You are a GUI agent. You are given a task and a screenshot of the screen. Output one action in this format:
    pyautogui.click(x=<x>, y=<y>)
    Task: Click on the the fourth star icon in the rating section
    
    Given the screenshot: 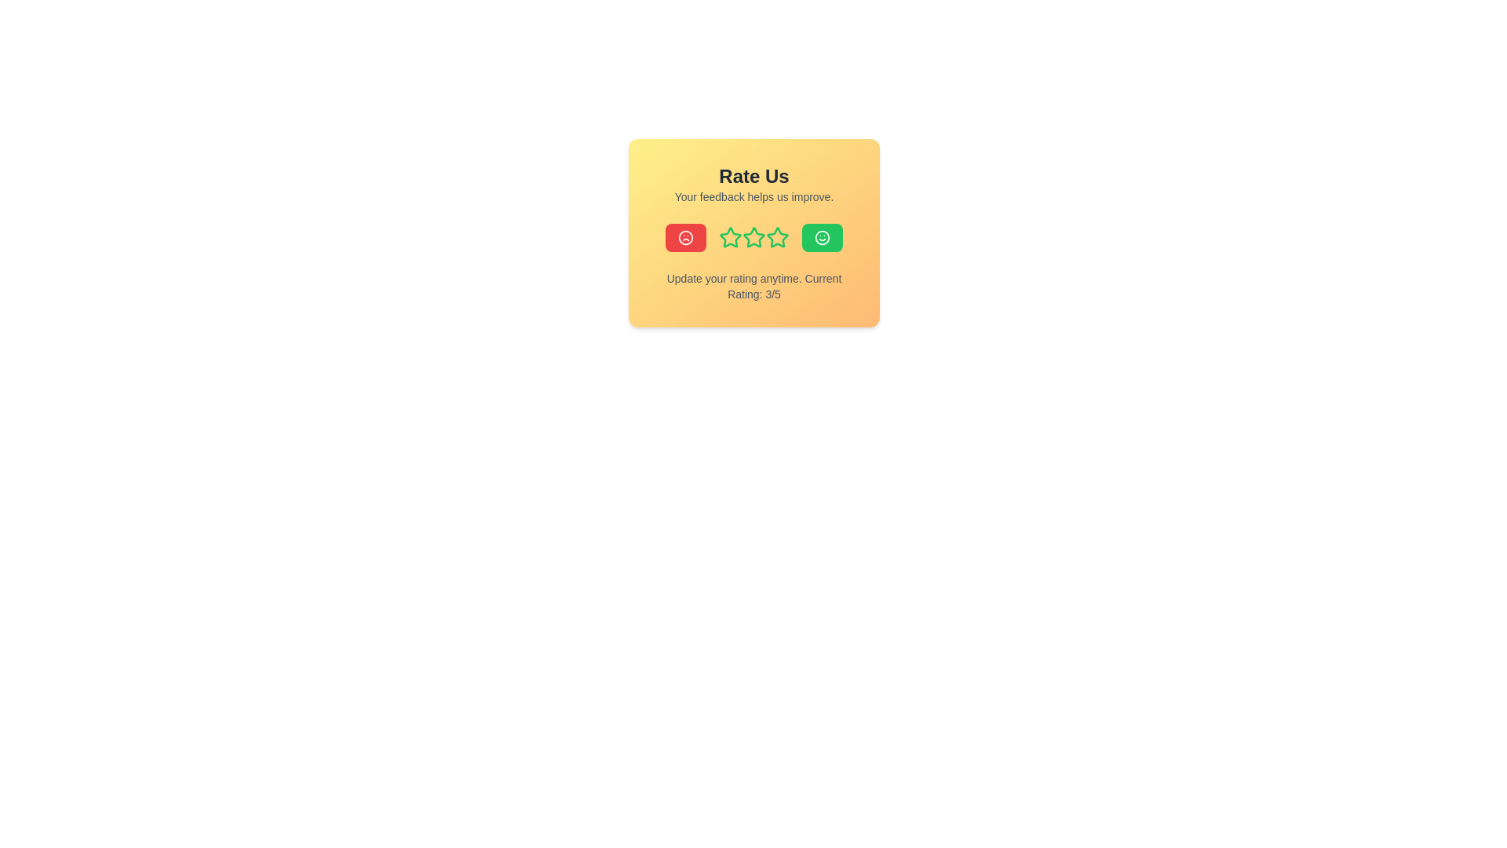 What is the action you would take?
    pyautogui.click(x=777, y=238)
    